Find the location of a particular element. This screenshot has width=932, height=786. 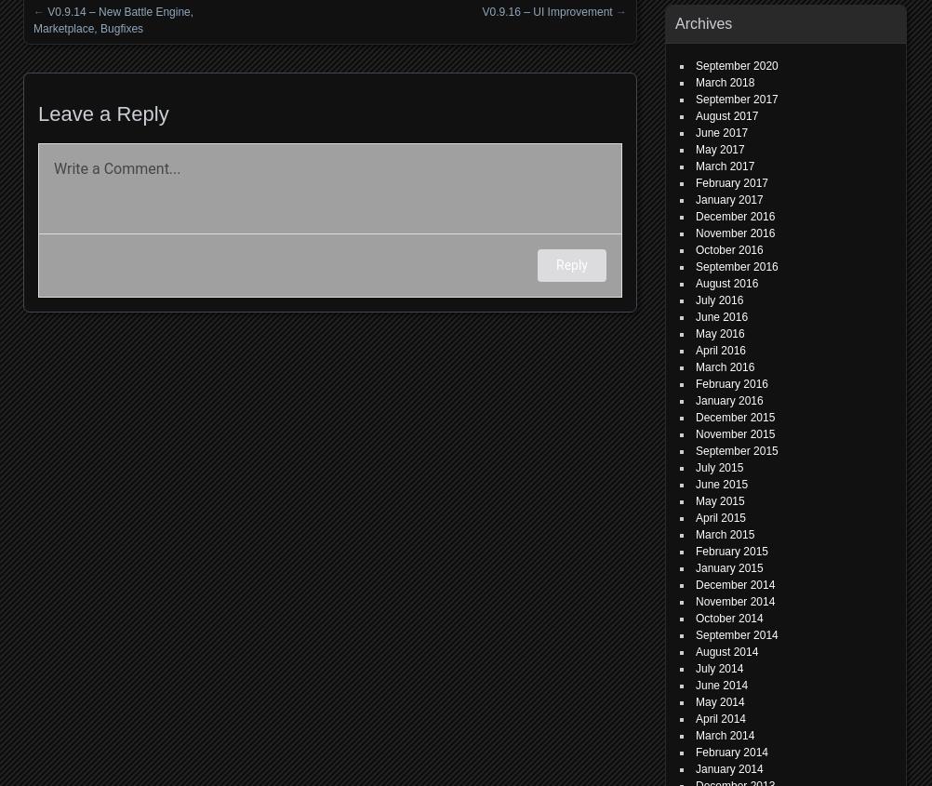

'V0.9.16 – UI Improvement' is located at coordinates (545, 11).